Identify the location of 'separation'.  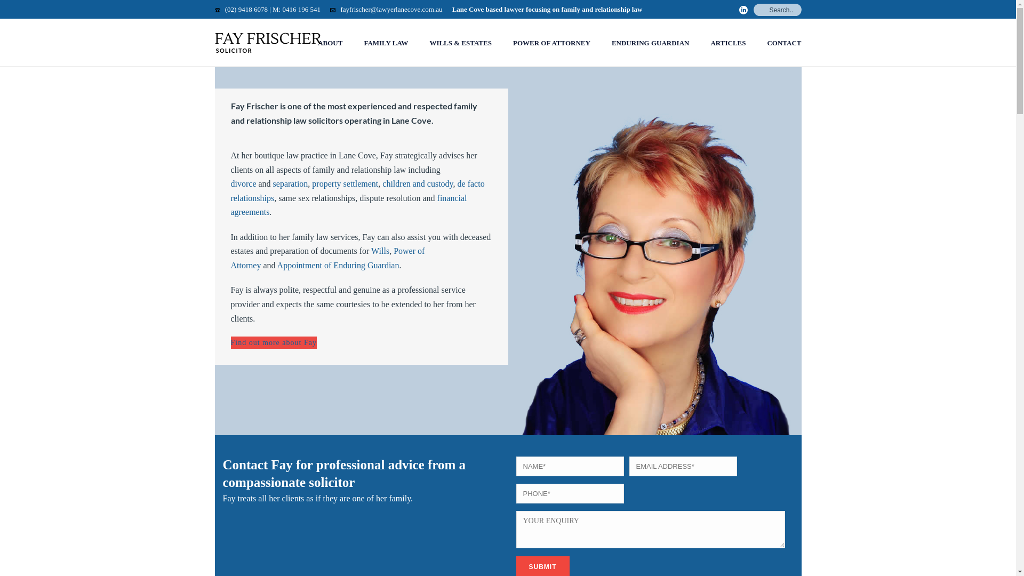
(291, 183).